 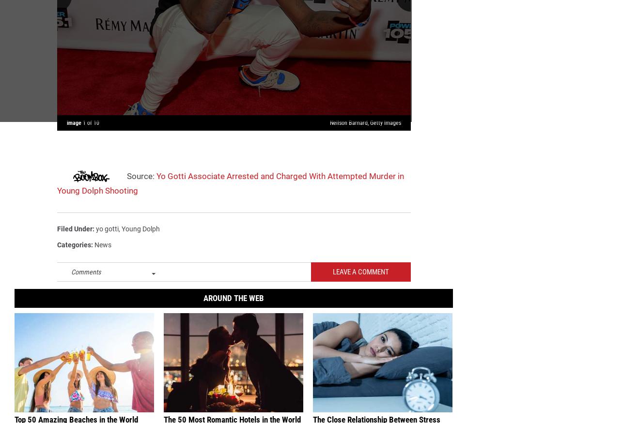 I want to click on 'Neilson Barnard, Getty Images', so click(x=365, y=127).